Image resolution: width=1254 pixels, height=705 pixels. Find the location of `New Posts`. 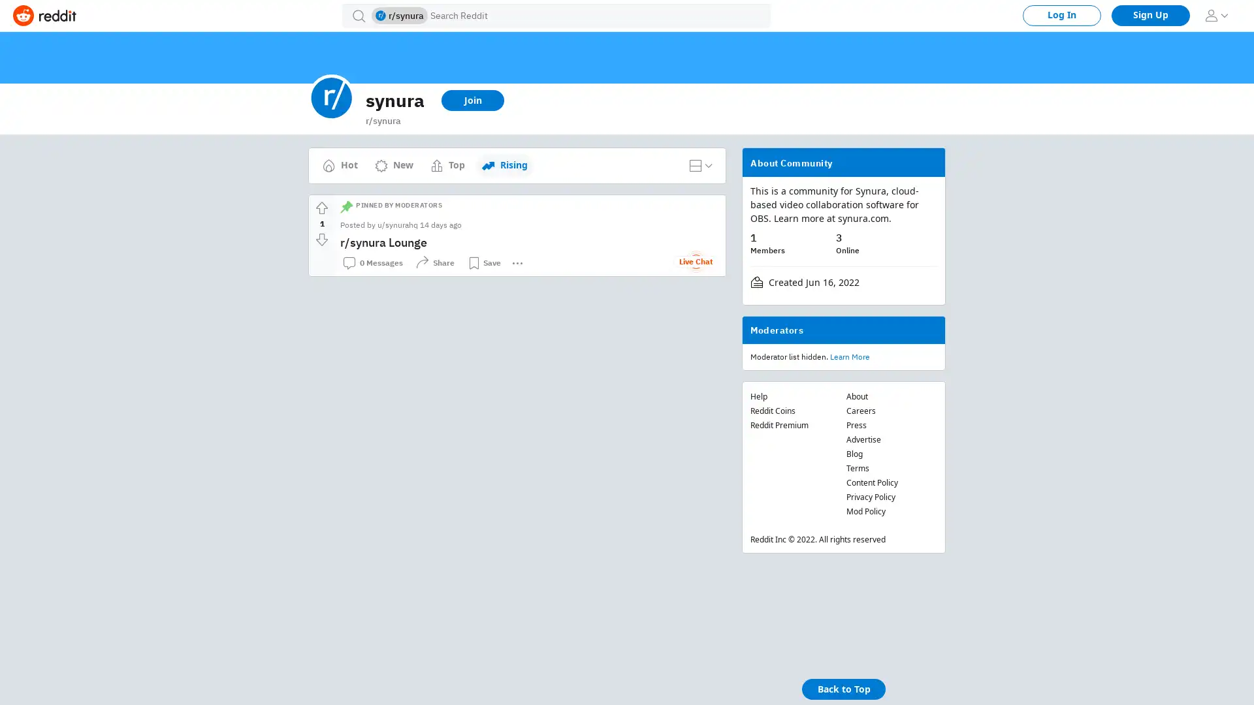

New Posts is located at coordinates (506, 158).